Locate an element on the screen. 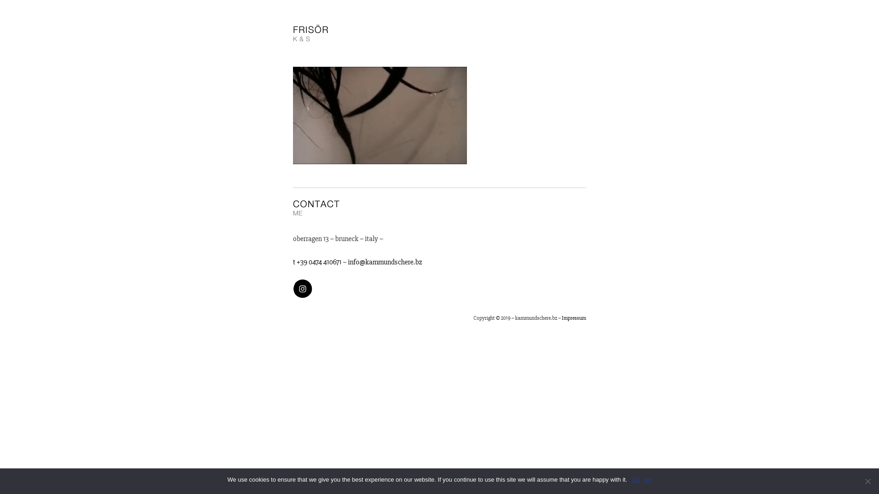 The width and height of the screenshot is (879, 494). 'Ok' is located at coordinates (635, 479).